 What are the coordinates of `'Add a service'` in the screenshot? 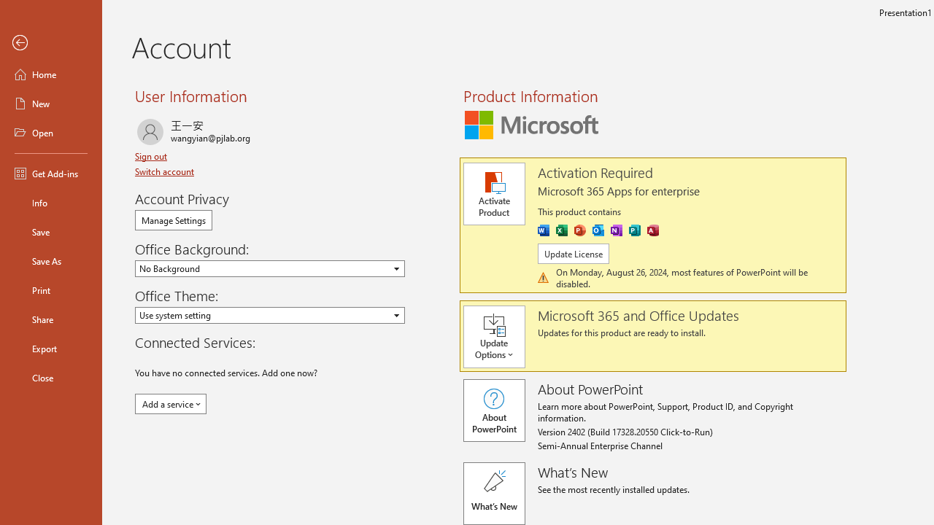 It's located at (171, 404).